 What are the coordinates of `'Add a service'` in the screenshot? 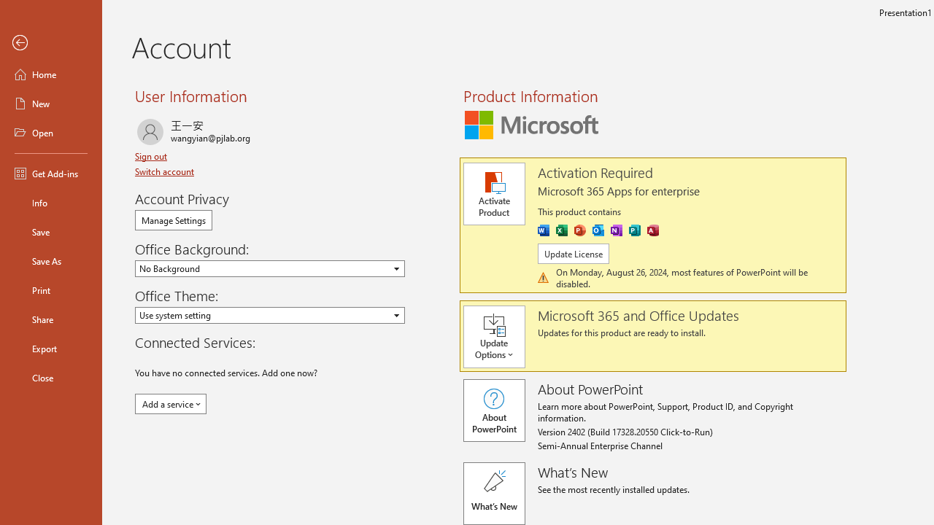 It's located at (171, 404).